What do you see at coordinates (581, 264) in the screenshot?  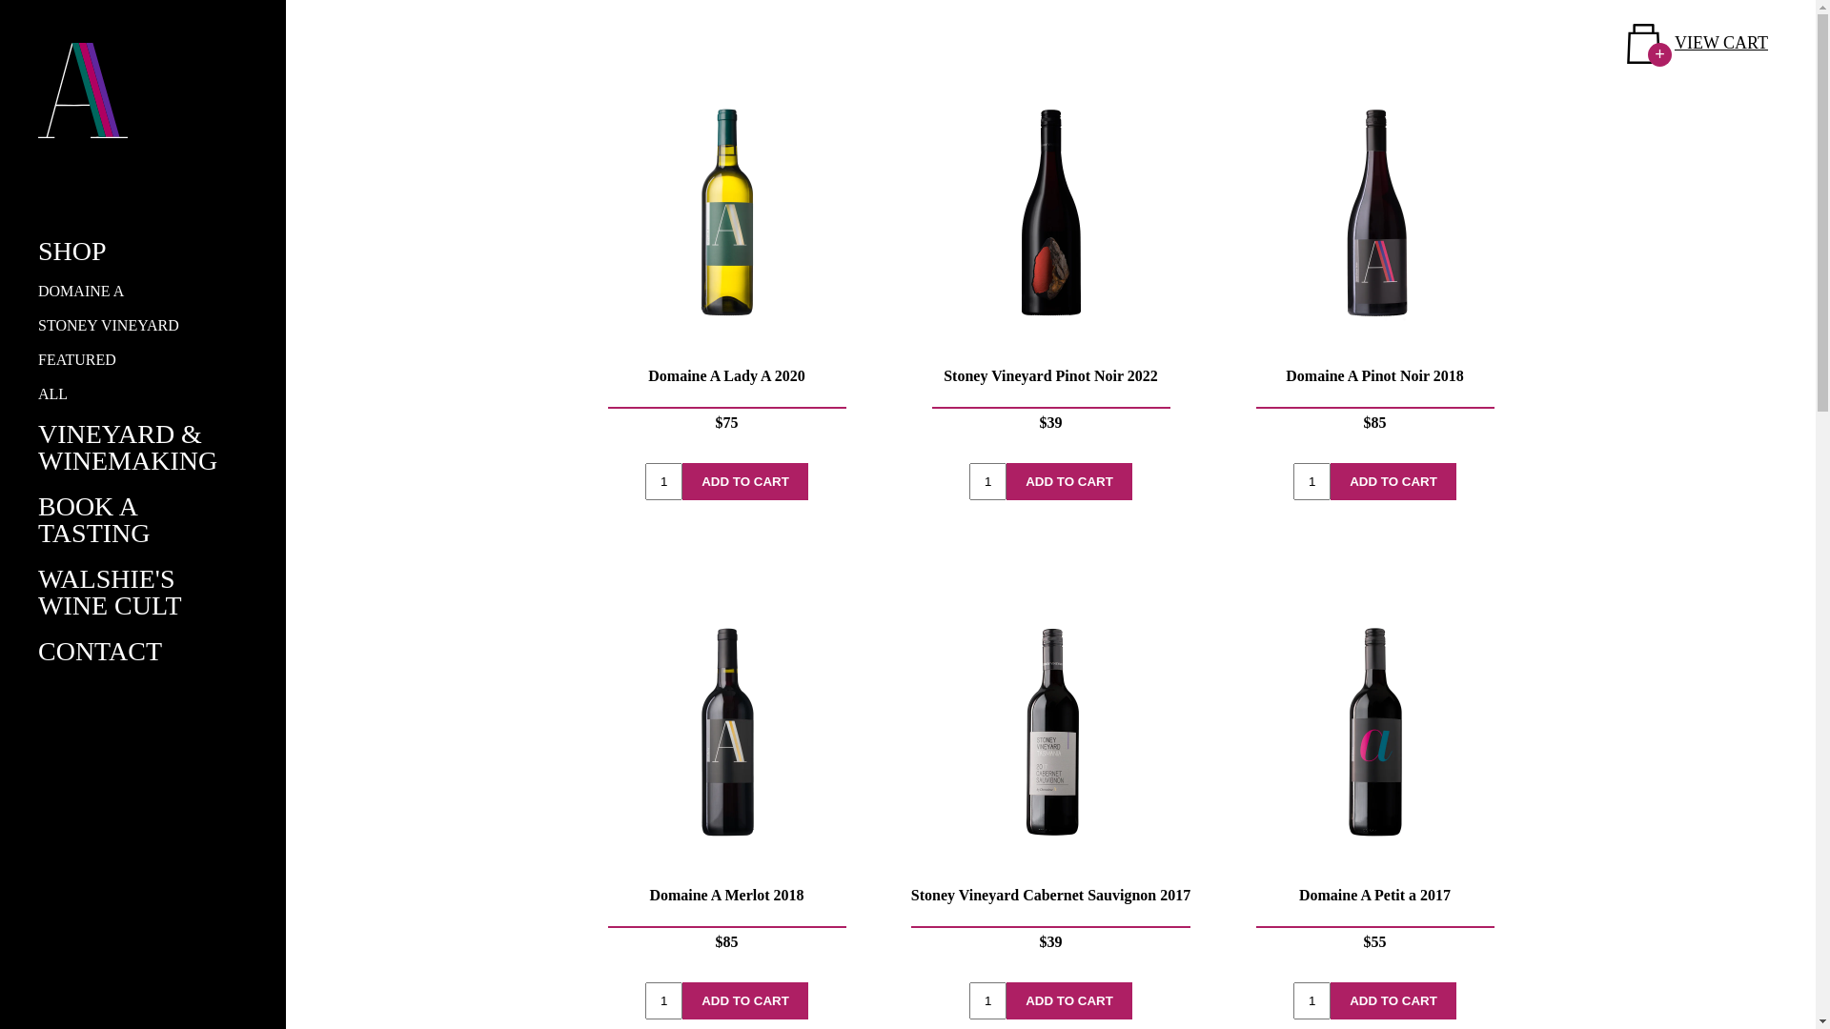 I see `'Domaine A Lady A 2020` at bounding box center [581, 264].